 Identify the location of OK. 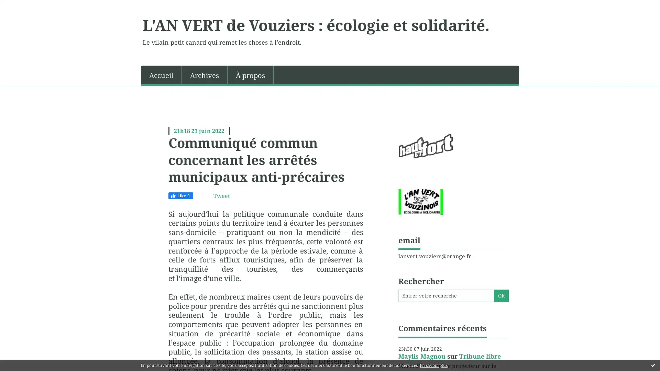
(501, 295).